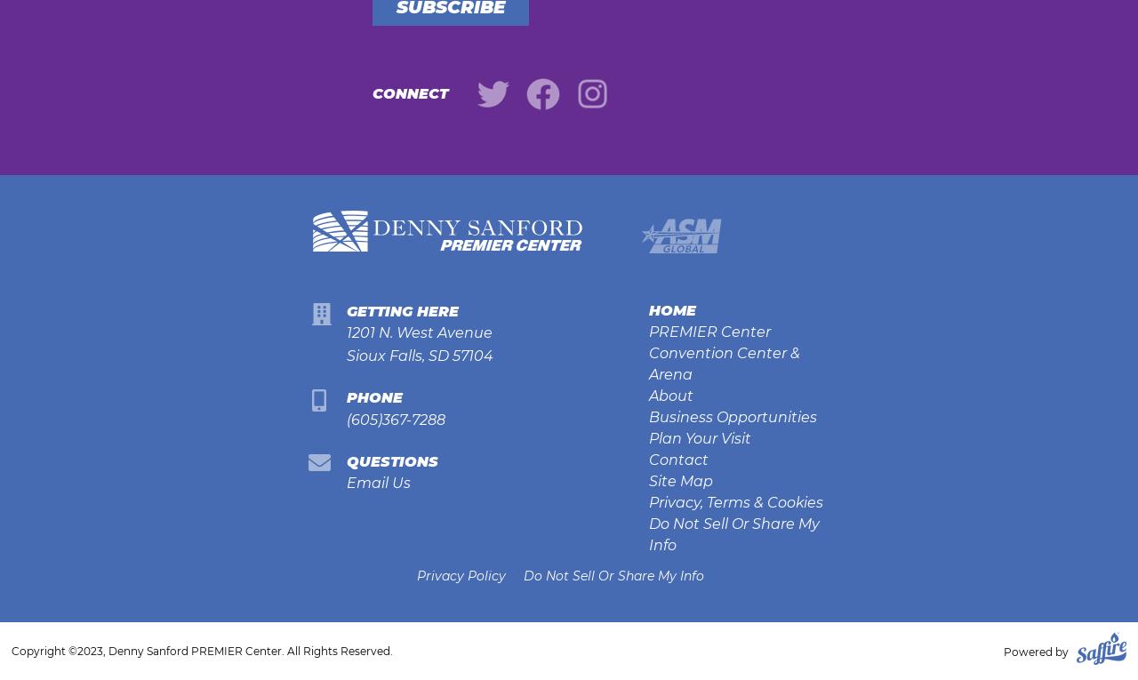  Describe the element at coordinates (679, 480) in the screenshot. I see `'Site Map'` at that location.